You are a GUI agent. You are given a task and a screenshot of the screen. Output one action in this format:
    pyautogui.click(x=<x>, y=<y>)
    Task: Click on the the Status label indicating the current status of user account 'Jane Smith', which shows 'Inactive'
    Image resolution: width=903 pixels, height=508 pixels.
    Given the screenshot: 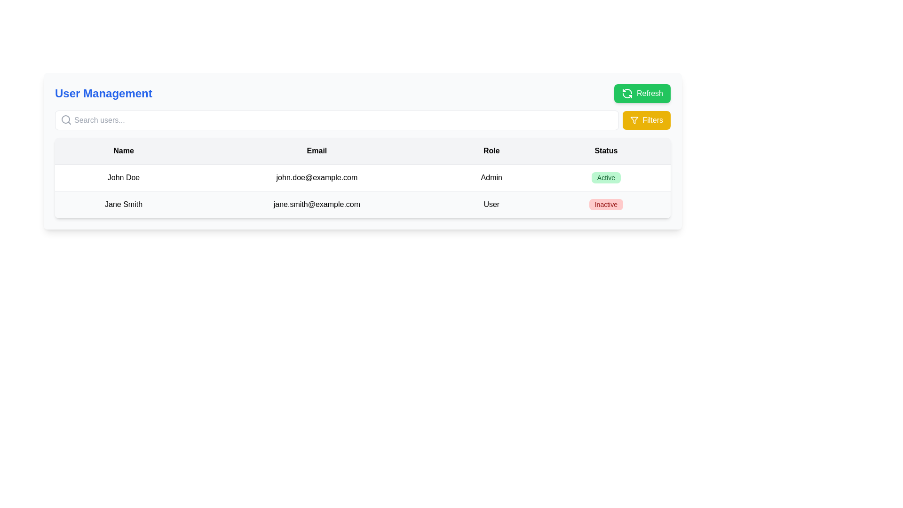 What is the action you would take?
    pyautogui.click(x=606, y=204)
    